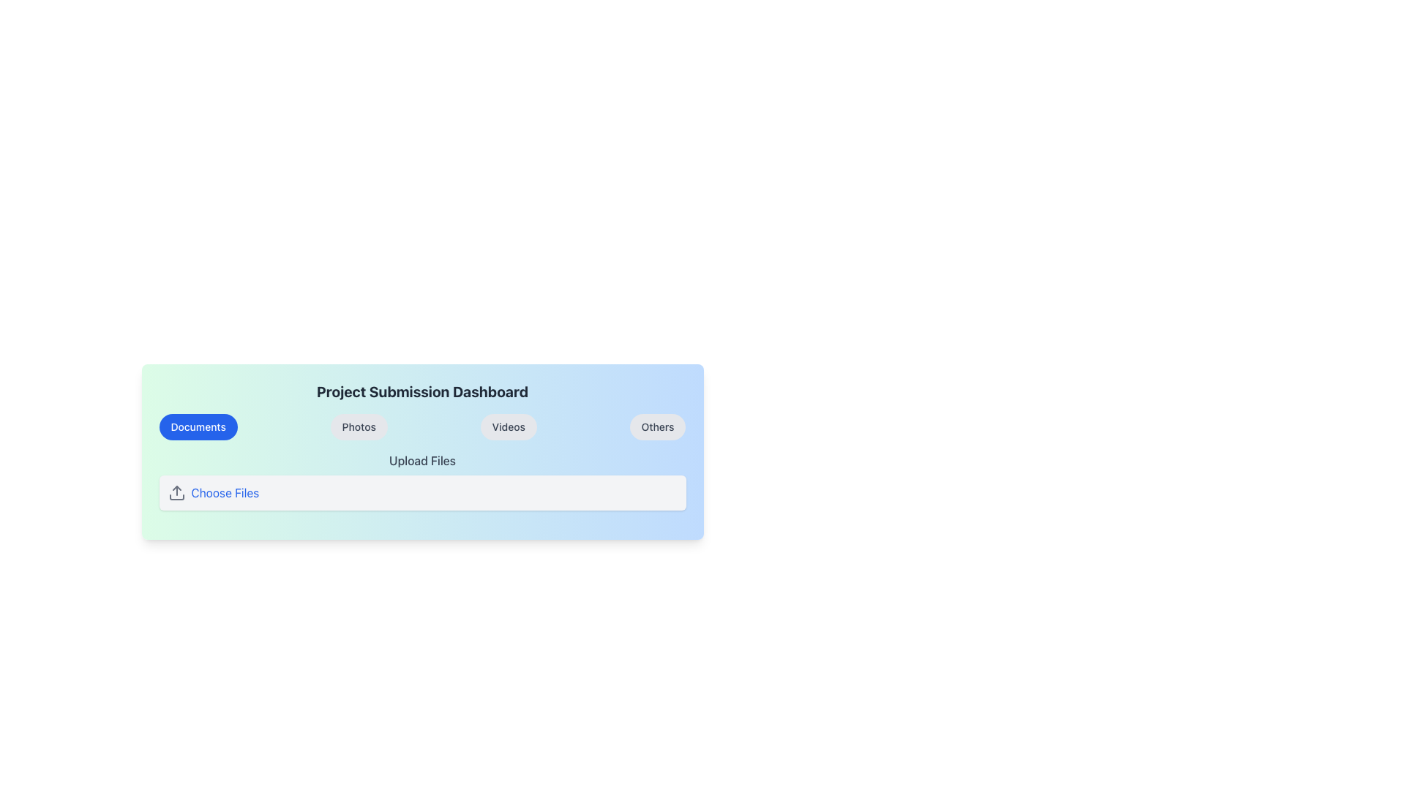 The image size is (1405, 790). Describe the element at coordinates (509, 426) in the screenshot. I see `the 'Videos' button, which is the third button from the left in the horizontal layout of the 'Project Submission Dashboard'` at that location.